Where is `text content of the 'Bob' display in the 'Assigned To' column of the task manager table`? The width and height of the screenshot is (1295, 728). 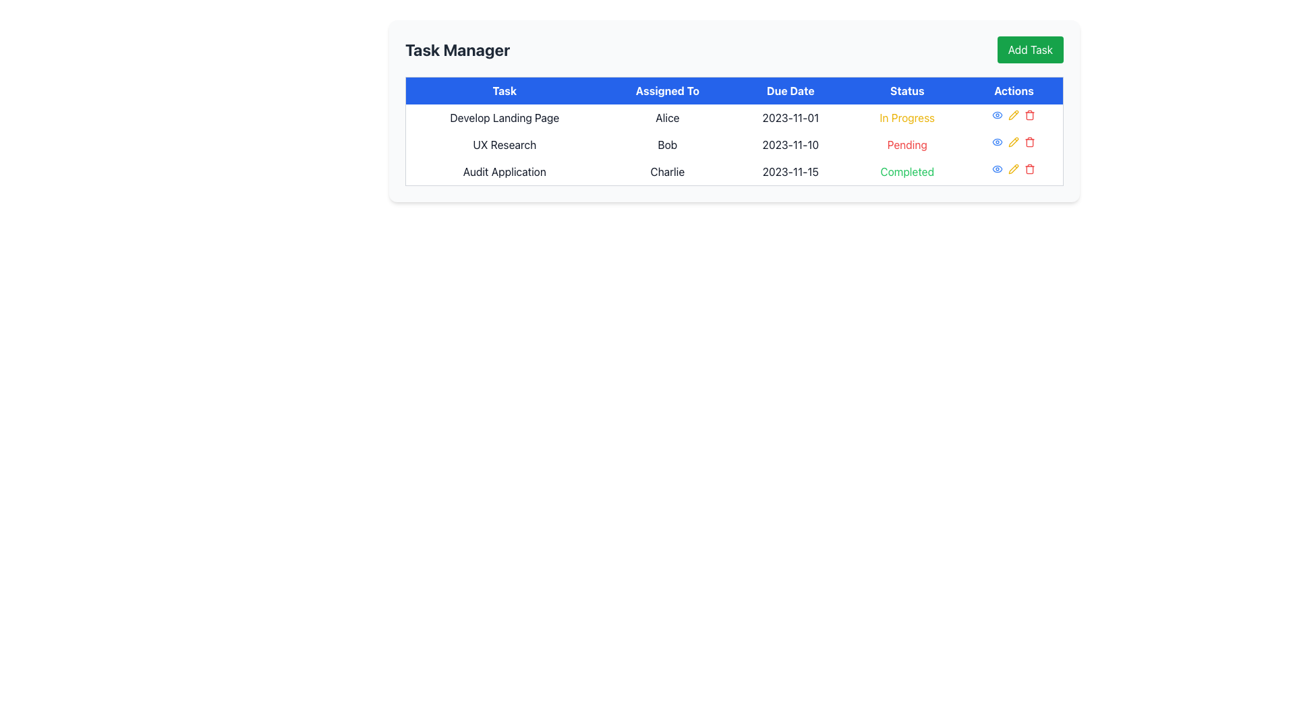
text content of the 'Bob' display in the 'Assigned To' column of the task manager table is located at coordinates (667, 145).